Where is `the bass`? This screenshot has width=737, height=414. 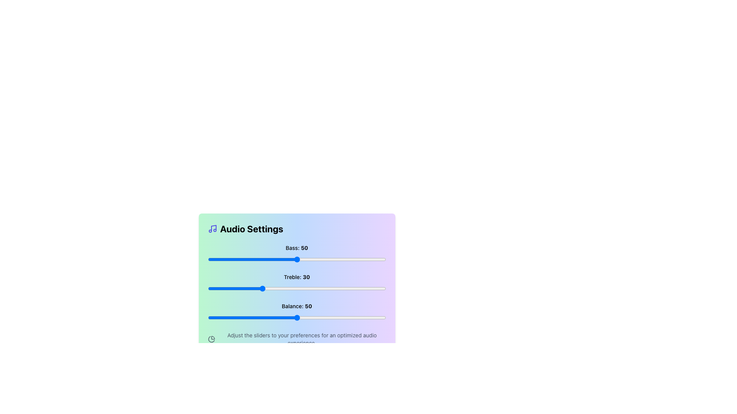
the bass is located at coordinates (364, 259).